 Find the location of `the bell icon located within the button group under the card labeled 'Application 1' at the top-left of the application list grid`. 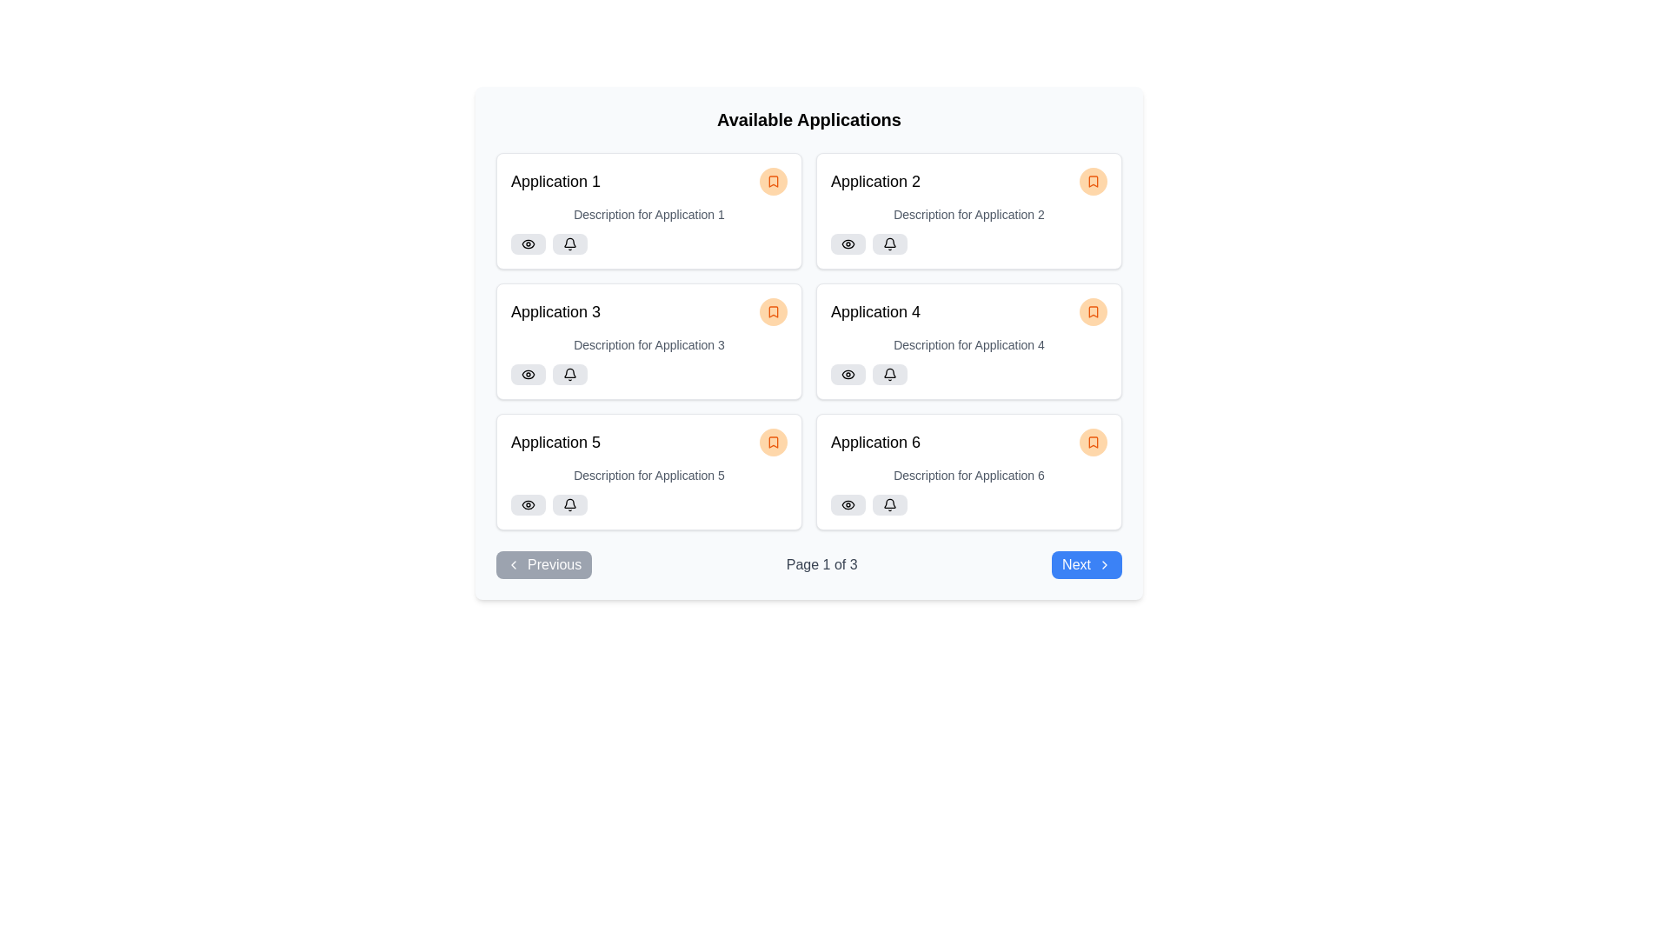

the bell icon located within the button group under the card labeled 'Application 1' at the top-left of the application list grid is located at coordinates (570, 243).